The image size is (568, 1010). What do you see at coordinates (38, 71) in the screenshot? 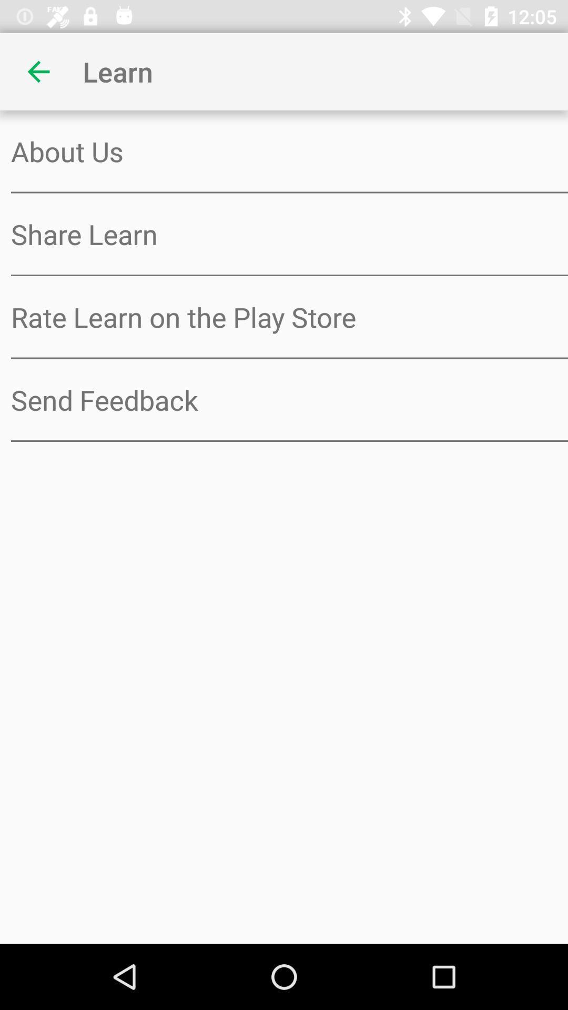
I see `the item next to learn item` at bounding box center [38, 71].